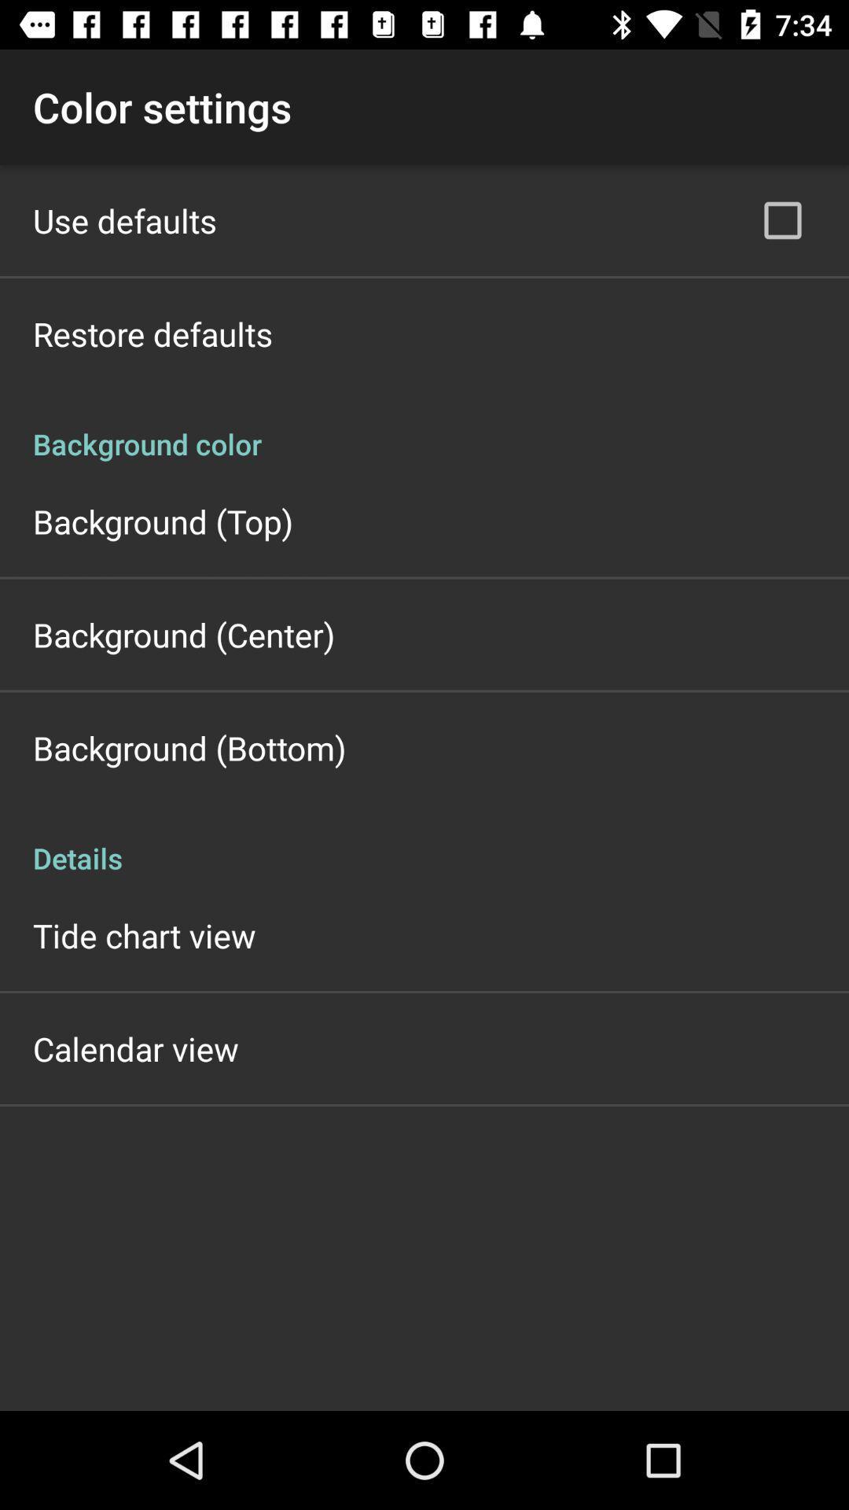 This screenshot has width=849, height=1510. Describe the element at coordinates (782, 219) in the screenshot. I see `the app above background color icon` at that location.